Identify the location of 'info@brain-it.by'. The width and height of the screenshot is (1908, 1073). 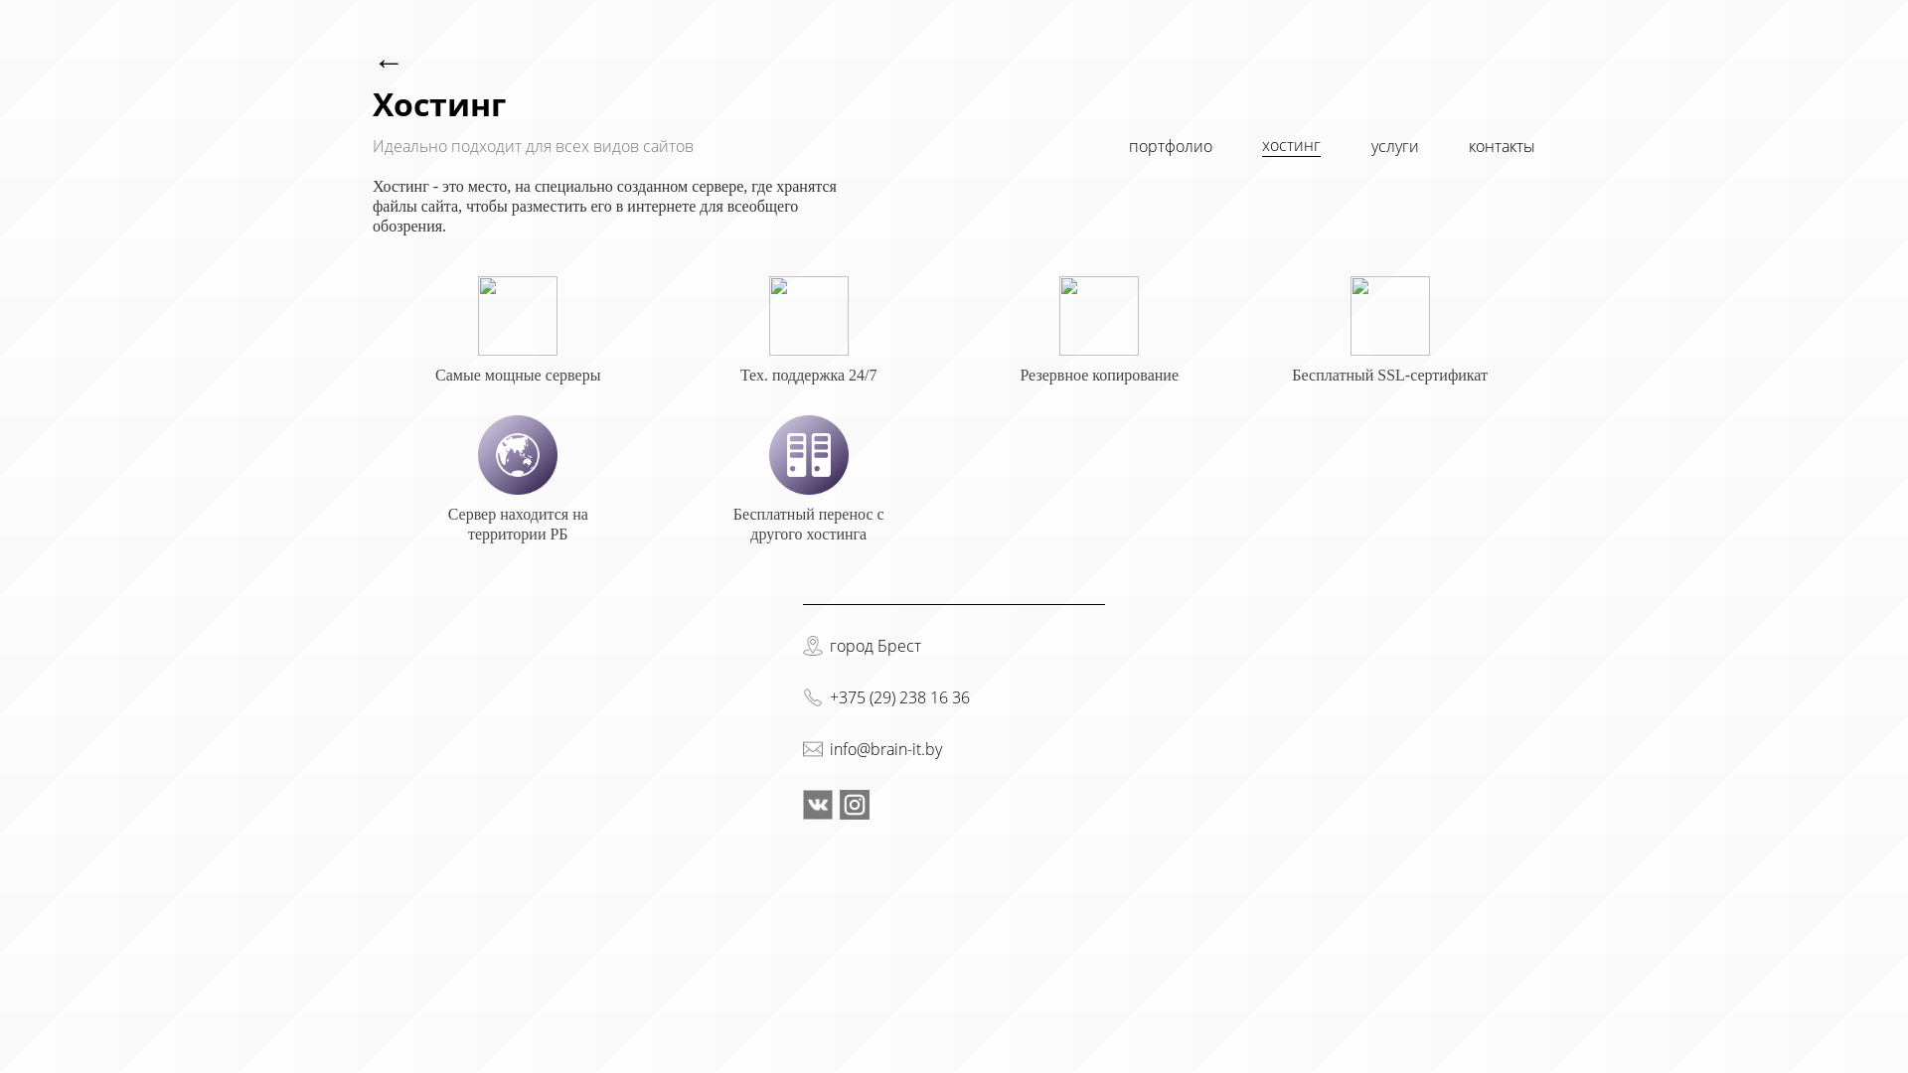
(884, 748).